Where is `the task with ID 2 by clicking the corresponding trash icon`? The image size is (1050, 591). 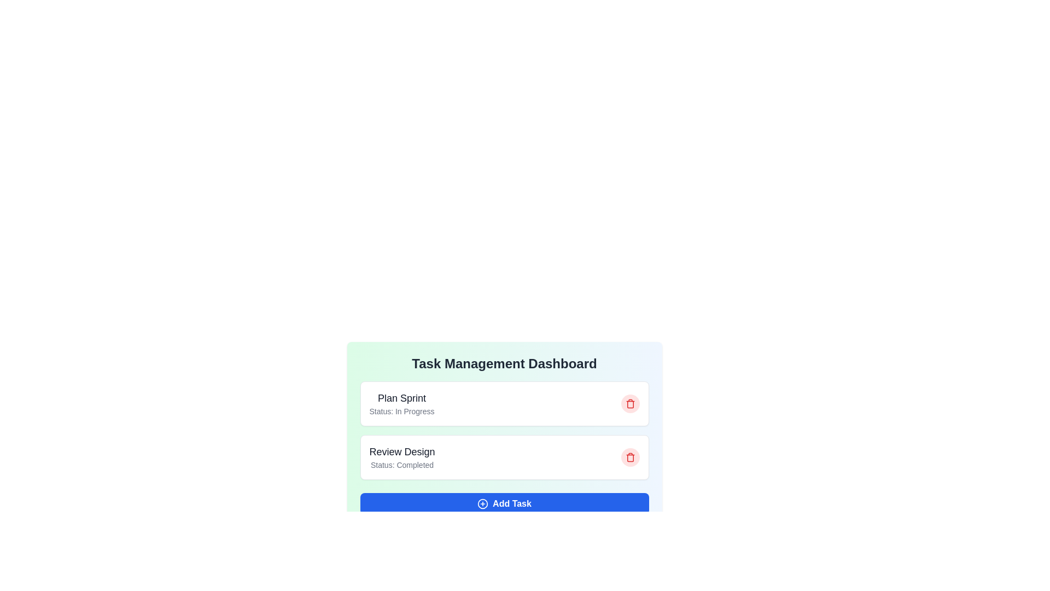 the task with ID 2 by clicking the corresponding trash icon is located at coordinates (630, 457).